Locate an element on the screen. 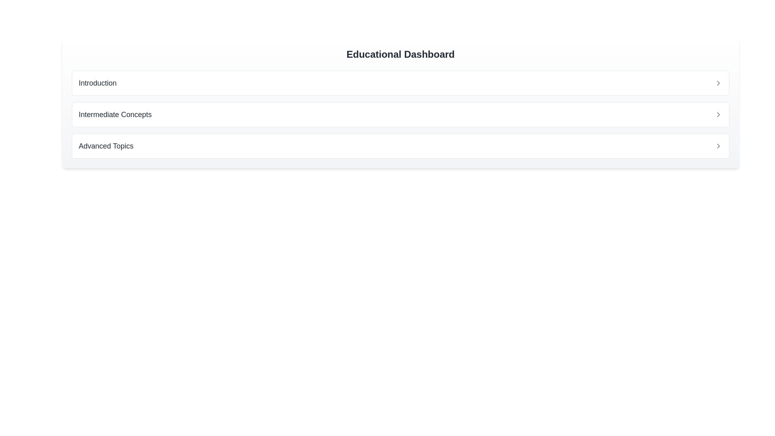 This screenshot has width=775, height=436. the selectable list item labeled 'Advanced Topics' is located at coordinates (400, 146).